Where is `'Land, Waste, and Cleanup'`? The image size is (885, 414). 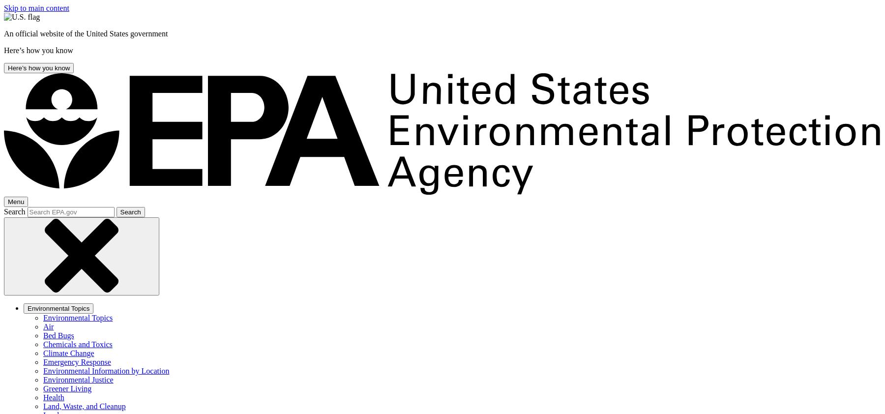
'Land, Waste, and Cleanup' is located at coordinates (43, 406).